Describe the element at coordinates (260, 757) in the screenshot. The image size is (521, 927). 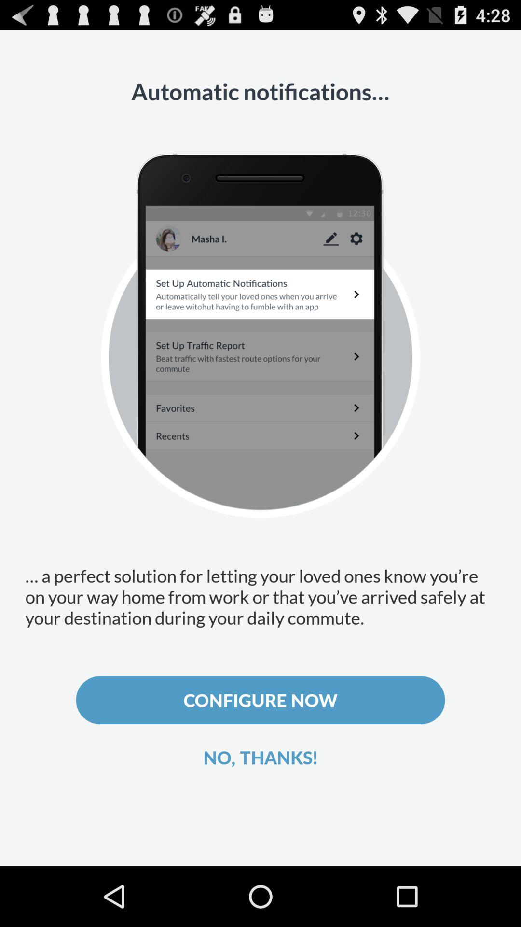
I see `no, thanks! icon` at that location.